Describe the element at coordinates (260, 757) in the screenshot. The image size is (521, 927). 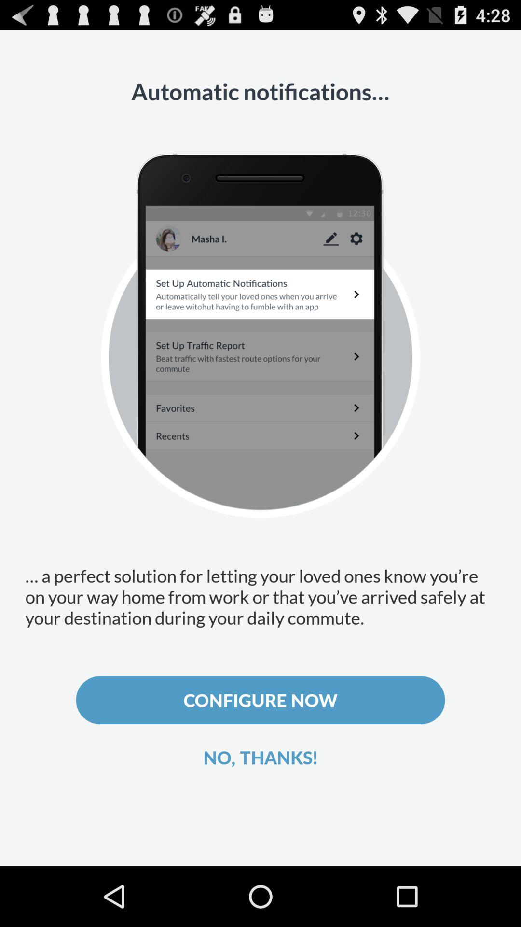
I see `no, thanks! icon` at that location.